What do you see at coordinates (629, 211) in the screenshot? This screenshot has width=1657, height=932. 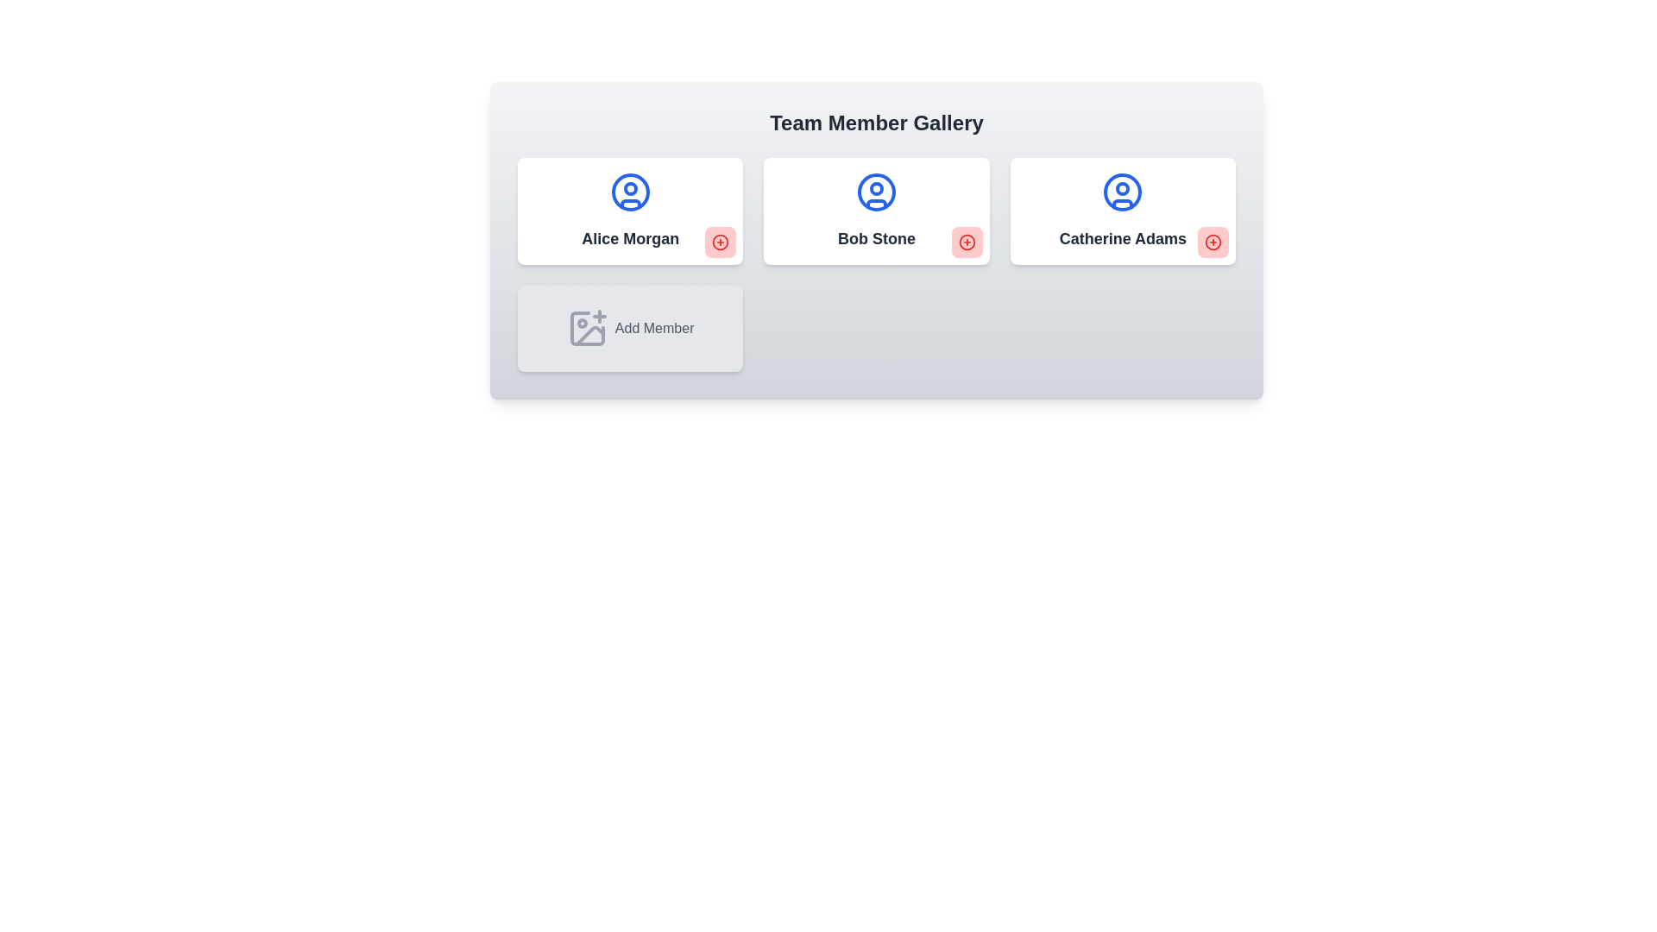 I see `the presentation card featuring a blue user icon and the name 'Alice Morgan' below it, located at the top-left corner of the grid layout` at bounding box center [629, 211].